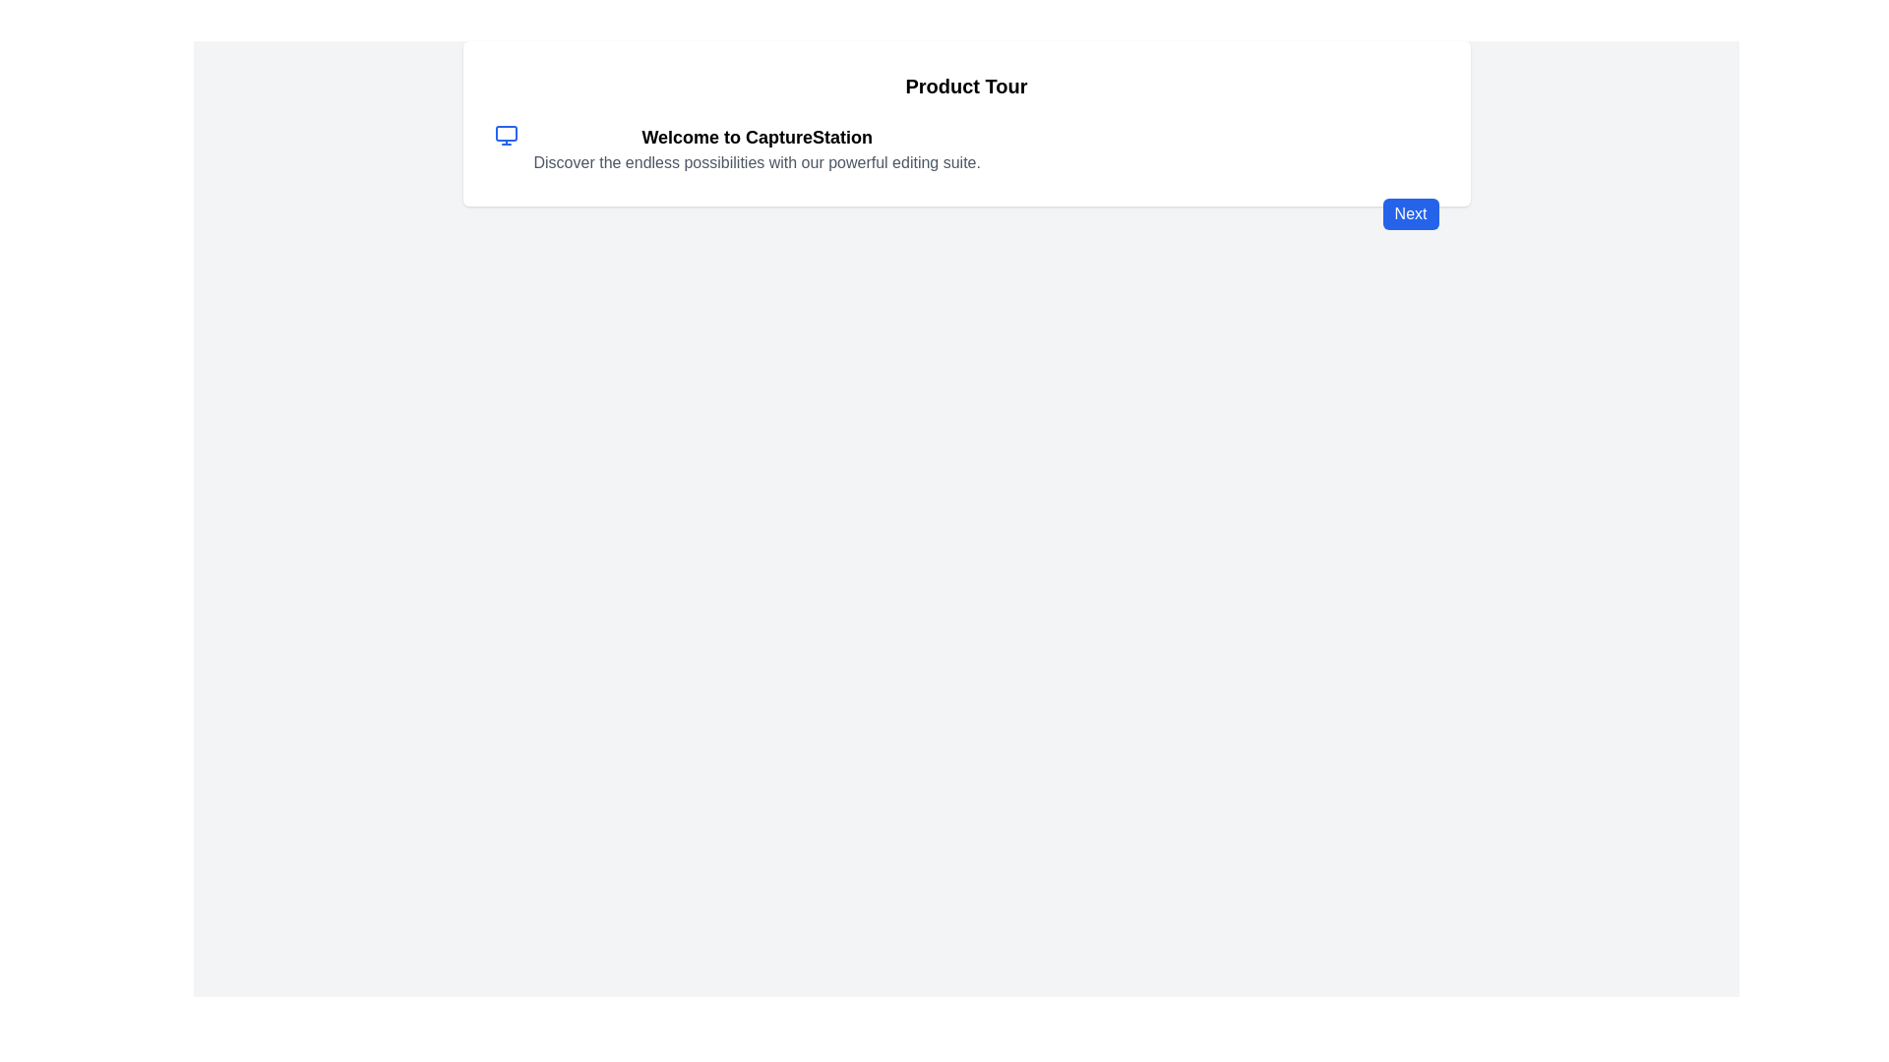 This screenshot has width=1889, height=1062. Describe the element at coordinates (1410, 214) in the screenshot. I see `the navigation button located at the lower-right corner of the modal` at that location.